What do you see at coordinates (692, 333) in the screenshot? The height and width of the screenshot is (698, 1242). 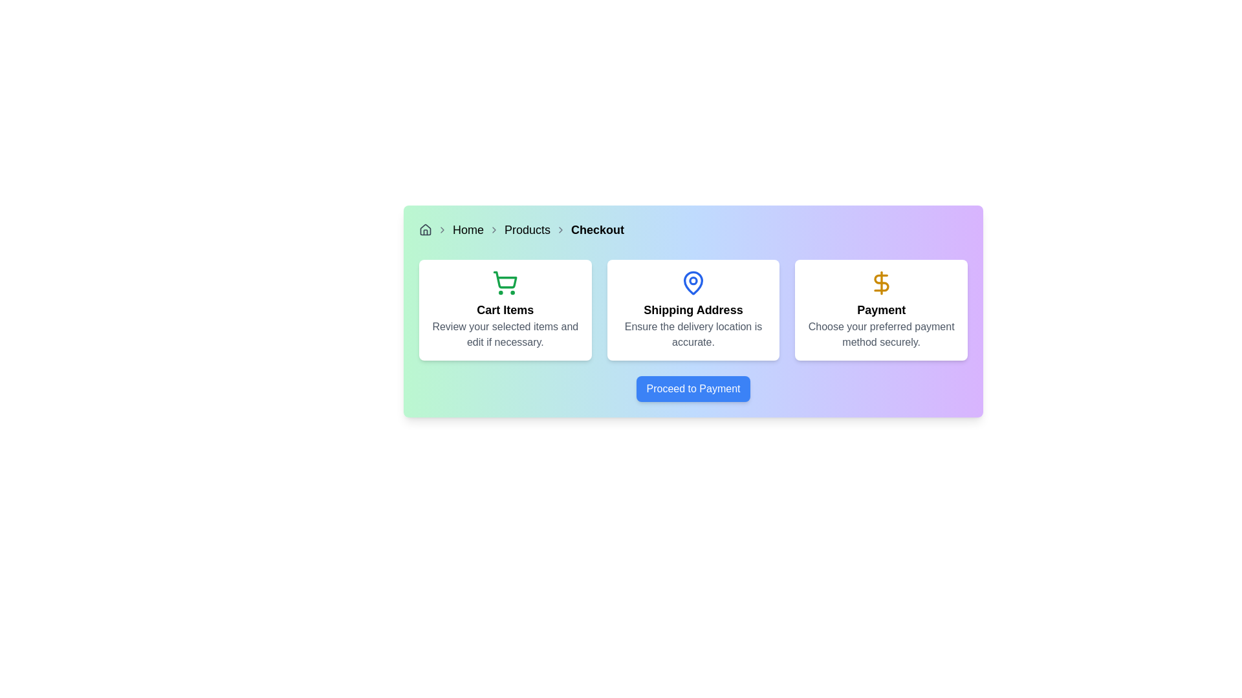 I see `the static text field displaying the message 'Ensure the delivery location is accurate.' located under the heading 'Shipping Address' in the card box` at bounding box center [692, 333].